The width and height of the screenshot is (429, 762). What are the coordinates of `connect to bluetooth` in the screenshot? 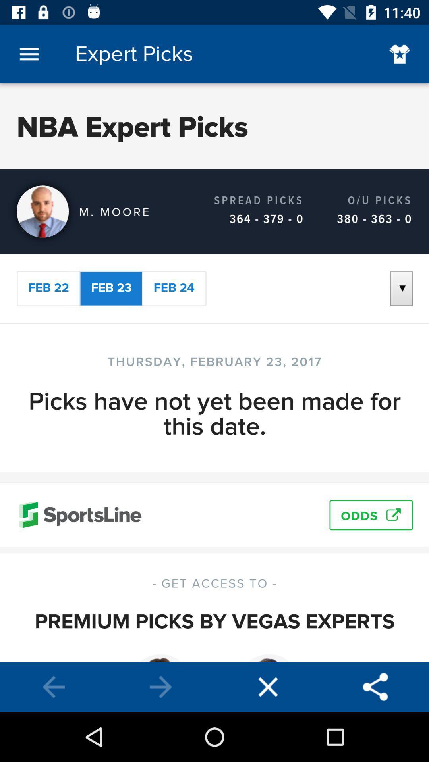 It's located at (375, 687).